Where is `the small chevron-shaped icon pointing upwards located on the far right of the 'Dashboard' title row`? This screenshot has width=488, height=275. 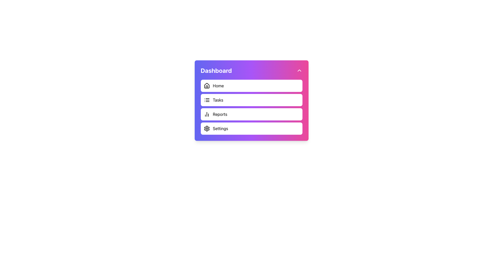
the small chevron-shaped icon pointing upwards located on the far right of the 'Dashboard' title row is located at coordinates (299, 71).